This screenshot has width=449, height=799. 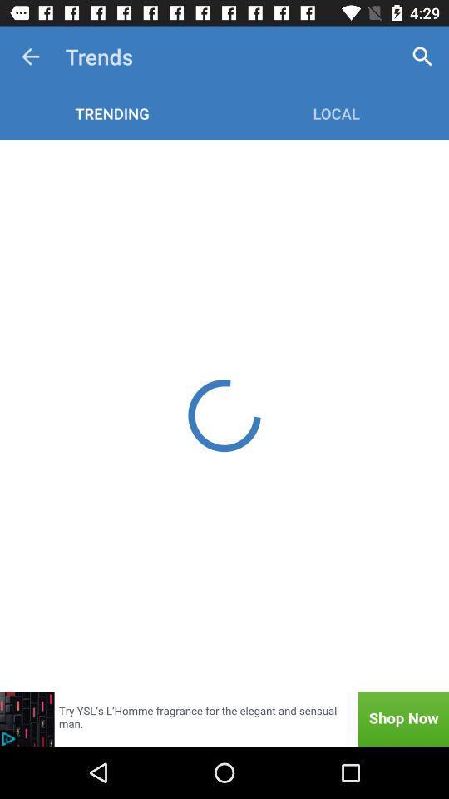 What do you see at coordinates (224, 718) in the screenshot?
I see `shop ysl fragance` at bounding box center [224, 718].